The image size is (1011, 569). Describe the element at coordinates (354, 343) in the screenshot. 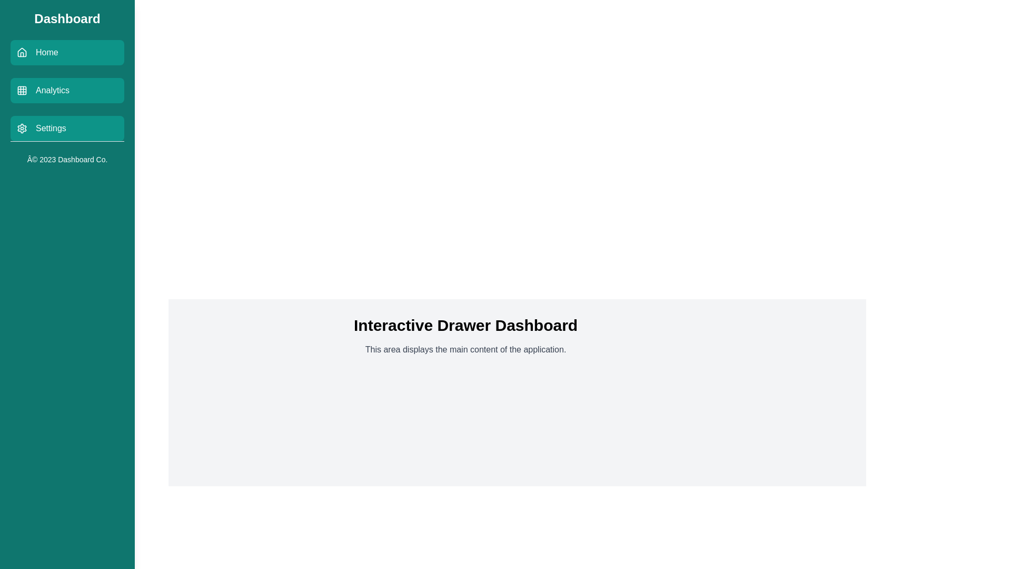

I see `the text in the main content area` at that location.